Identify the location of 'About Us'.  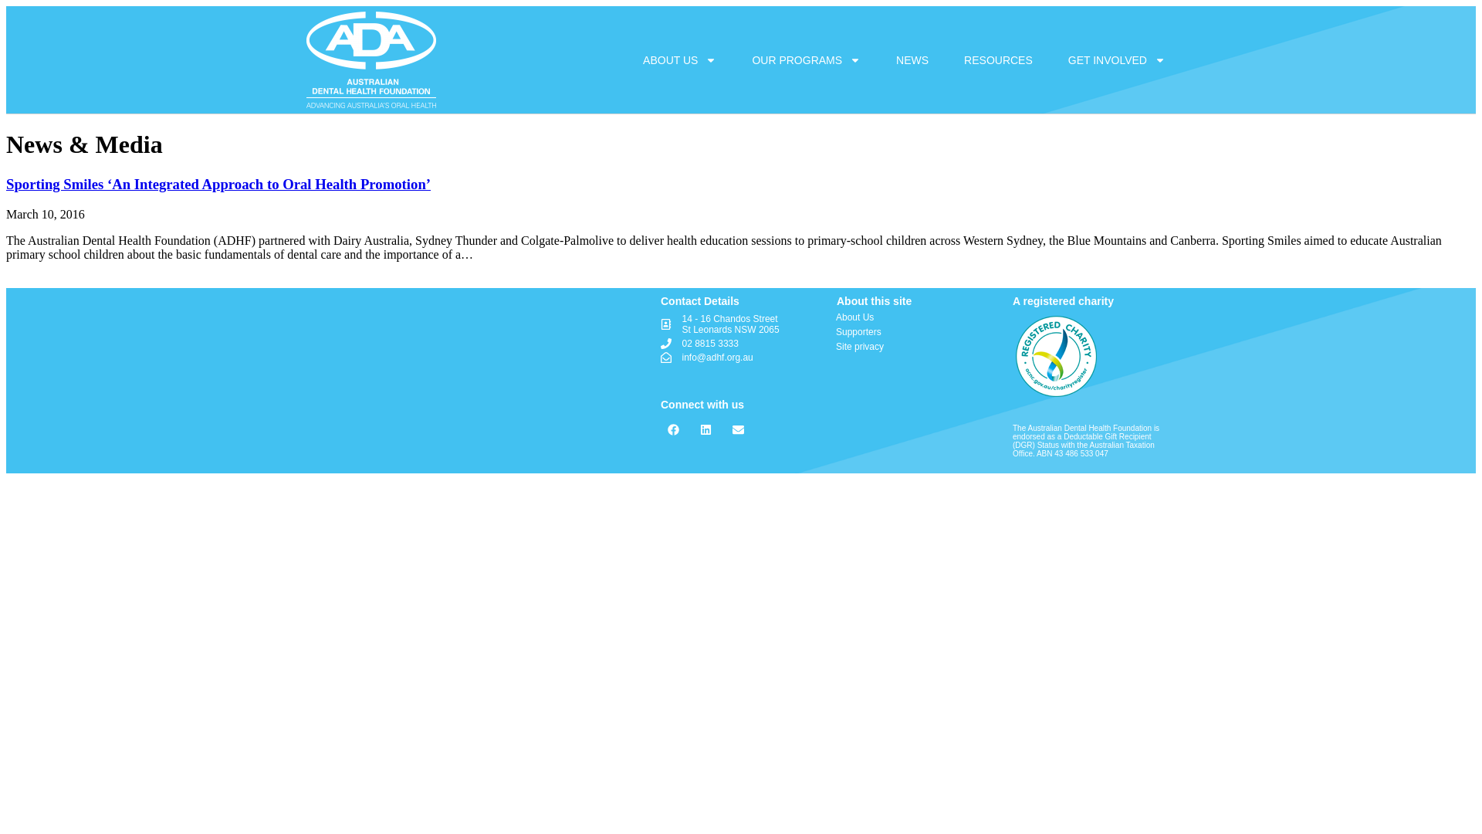
(835, 317).